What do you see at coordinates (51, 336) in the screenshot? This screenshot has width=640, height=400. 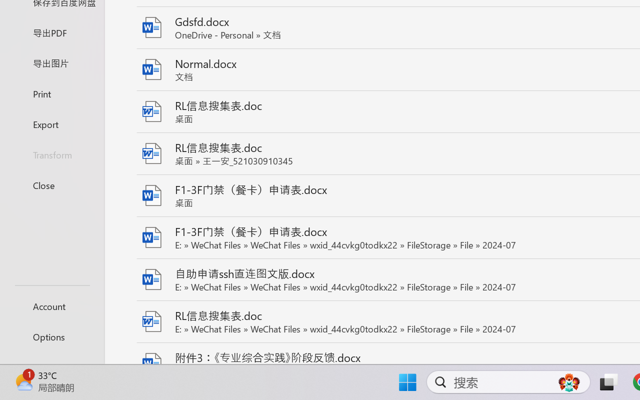 I see `'Options'` at bounding box center [51, 336].